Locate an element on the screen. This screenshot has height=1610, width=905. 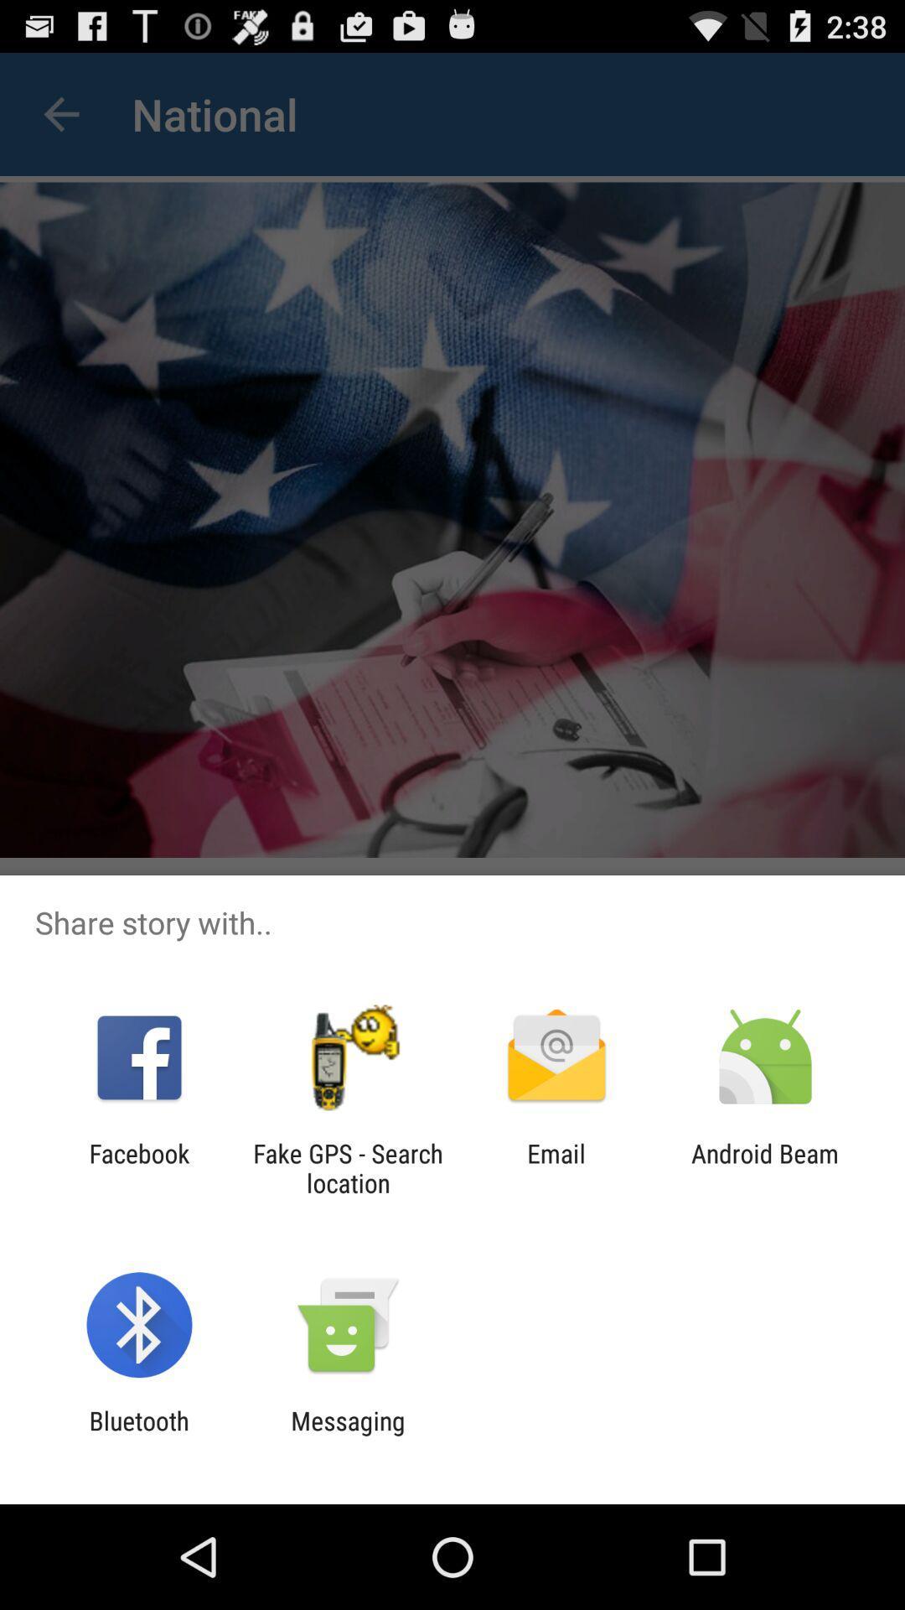
app to the left of messaging app is located at coordinates (138, 1435).